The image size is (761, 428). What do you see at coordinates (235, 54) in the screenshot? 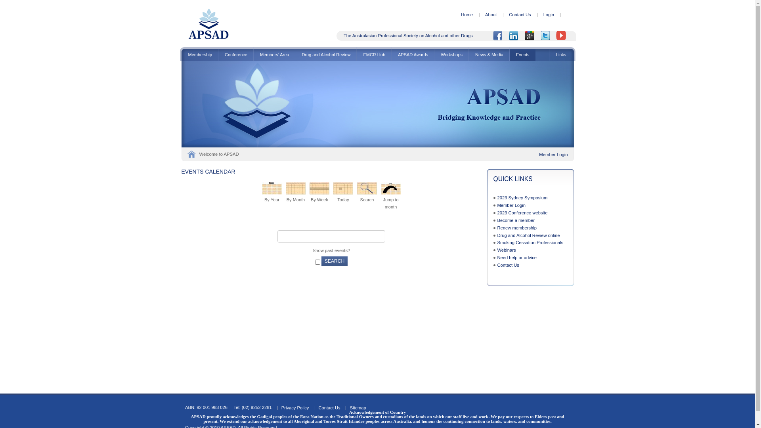
I see `'Conference'` at bounding box center [235, 54].